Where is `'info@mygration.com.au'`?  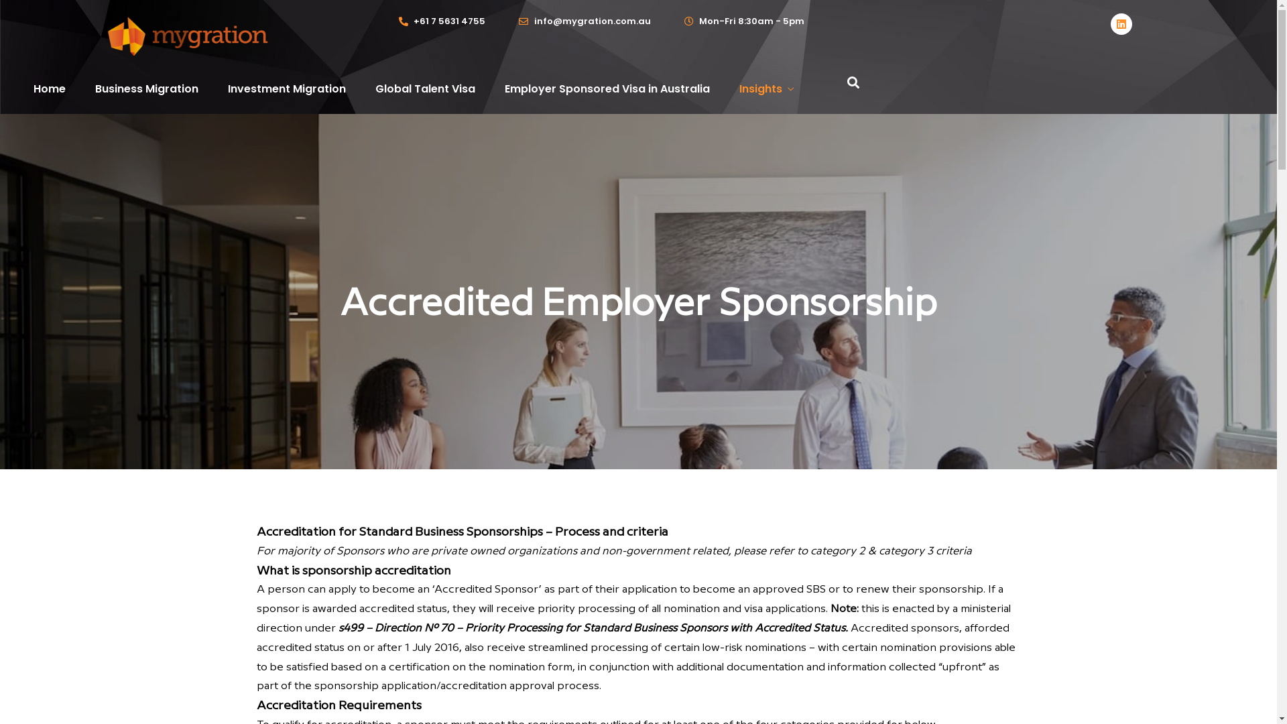
'info@mygration.com.au' is located at coordinates (585, 21).